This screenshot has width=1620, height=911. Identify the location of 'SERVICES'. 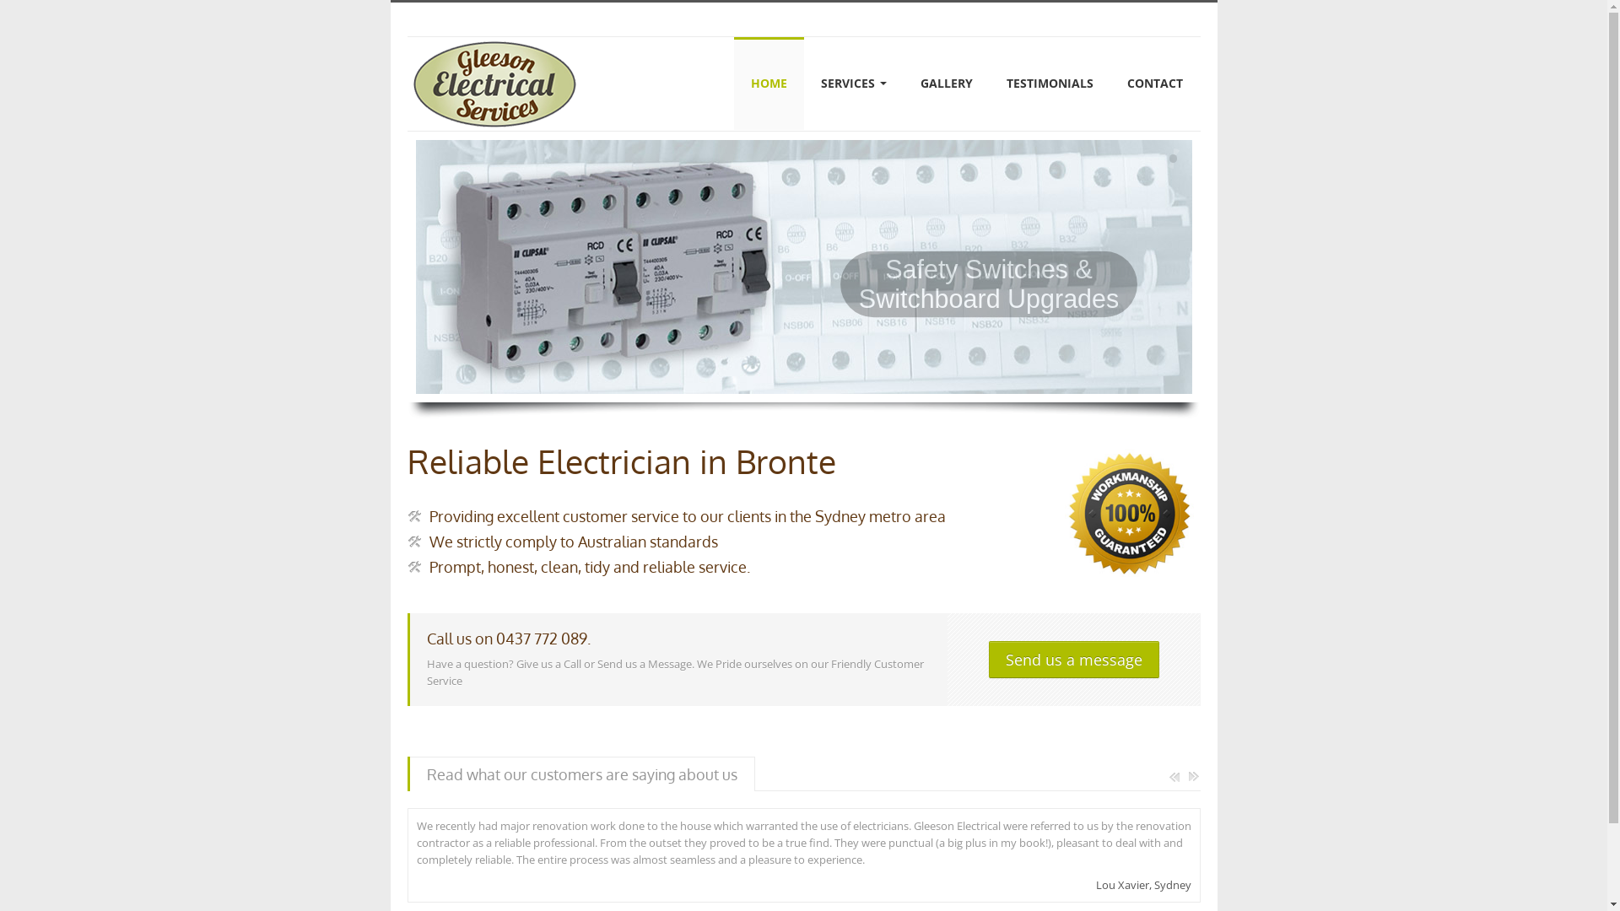
(854, 84).